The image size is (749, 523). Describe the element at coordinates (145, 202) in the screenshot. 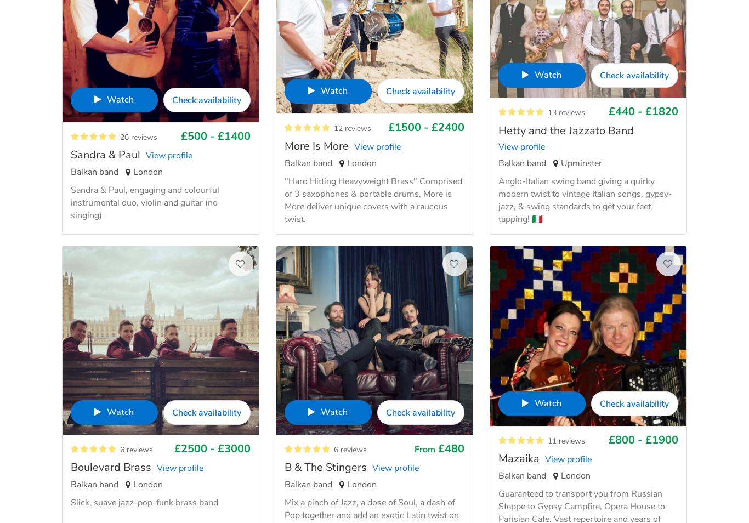

I see `'Sandra & Paul, engaging and colourful instrumental duo, violin and guitar (no singing)'` at that location.